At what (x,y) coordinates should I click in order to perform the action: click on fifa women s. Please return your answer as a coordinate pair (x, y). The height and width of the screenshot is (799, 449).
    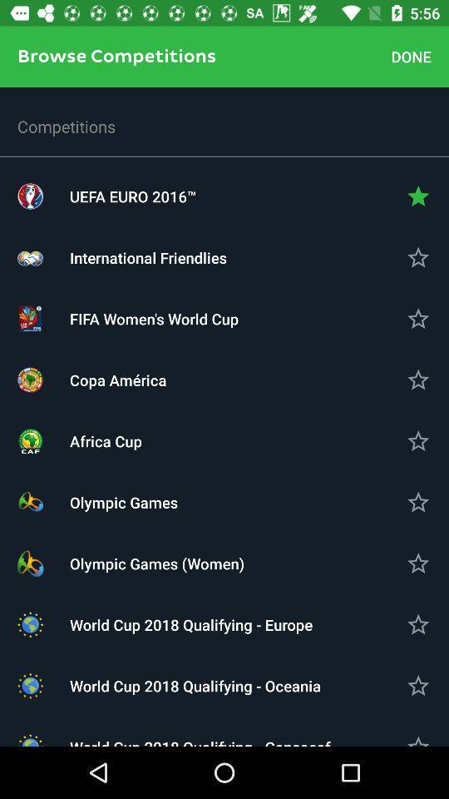
    Looking at the image, I should click on (224, 318).